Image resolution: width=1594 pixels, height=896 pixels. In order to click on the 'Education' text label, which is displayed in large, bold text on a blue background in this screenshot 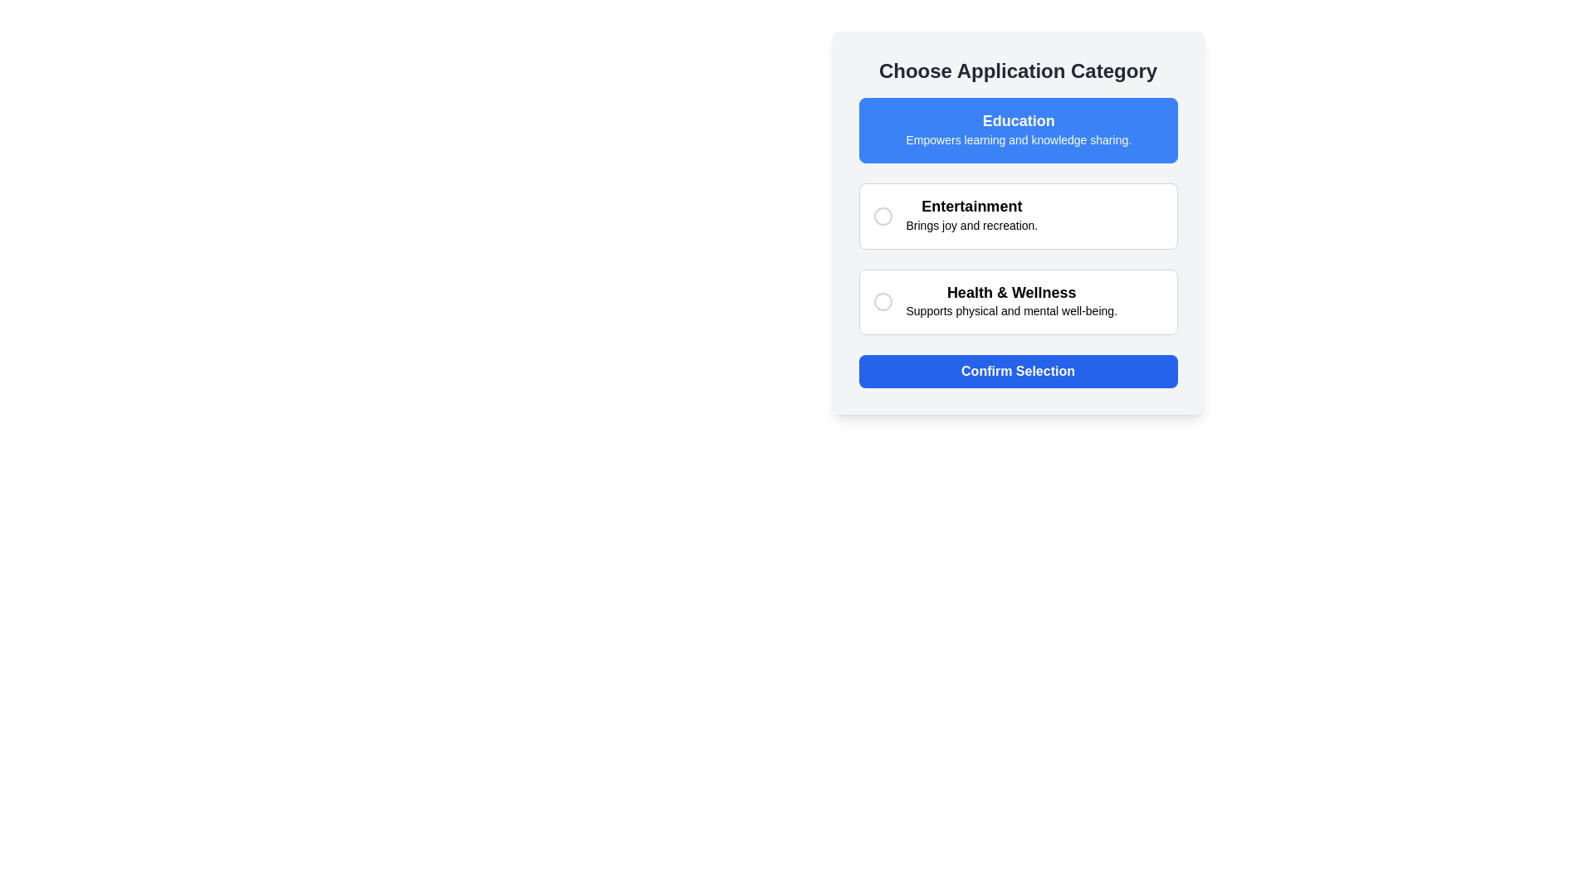, I will do `click(1018, 120)`.